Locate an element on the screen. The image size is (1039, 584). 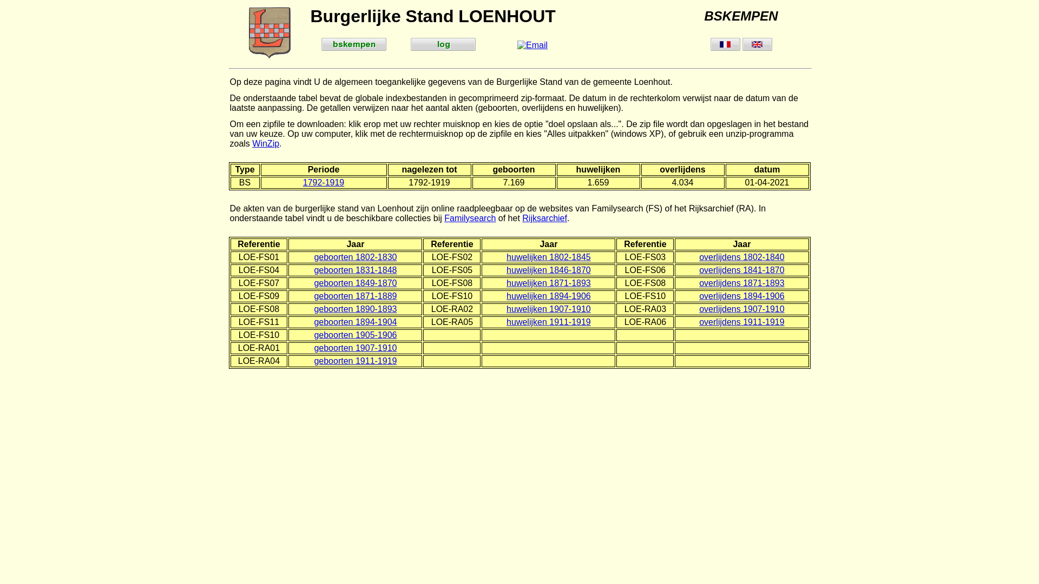
'geboorten 1911-1919' is located at coordinates (355, 361).